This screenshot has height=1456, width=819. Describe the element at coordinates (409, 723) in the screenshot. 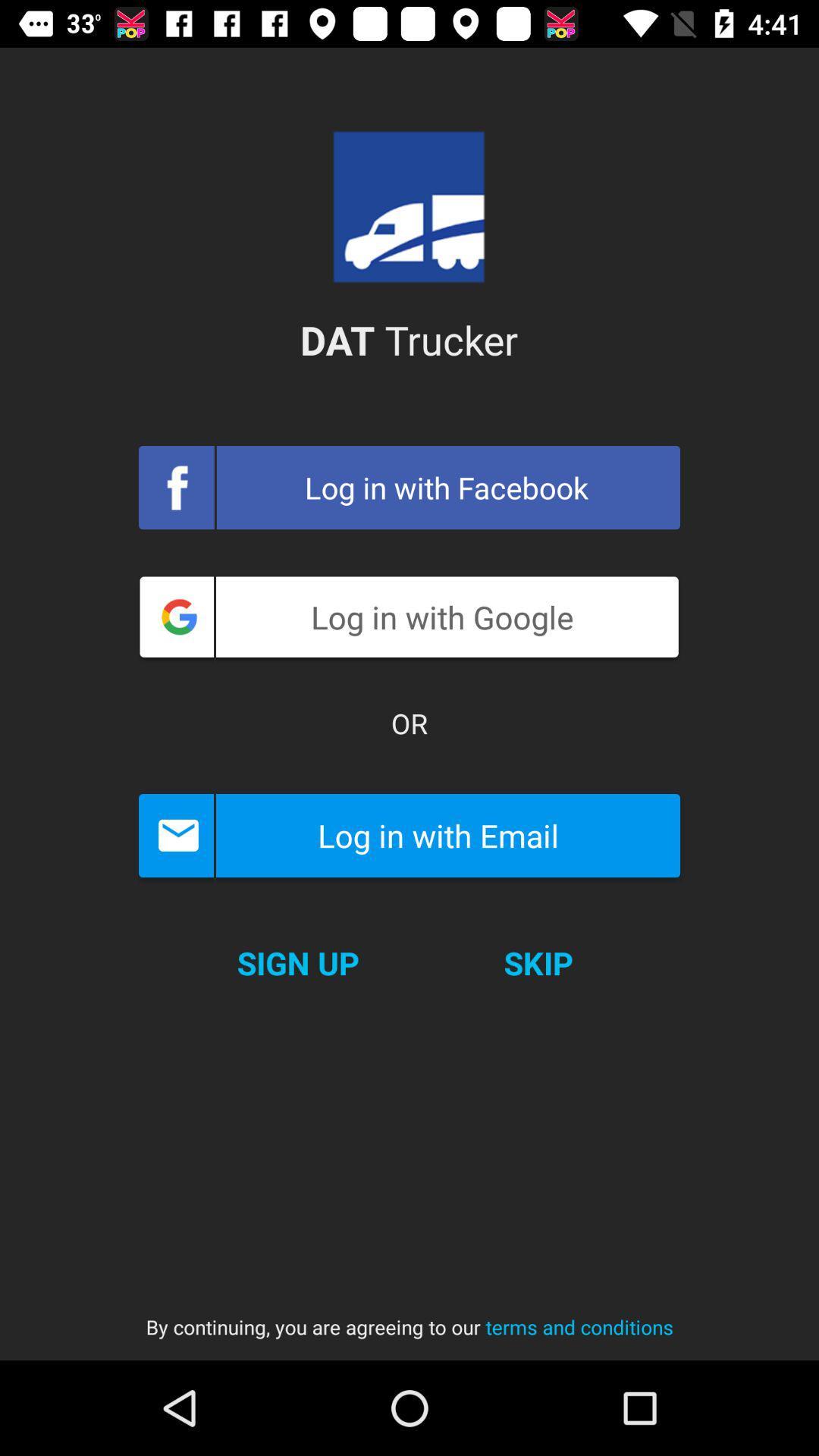

I see `icon above the log in with` at that location.